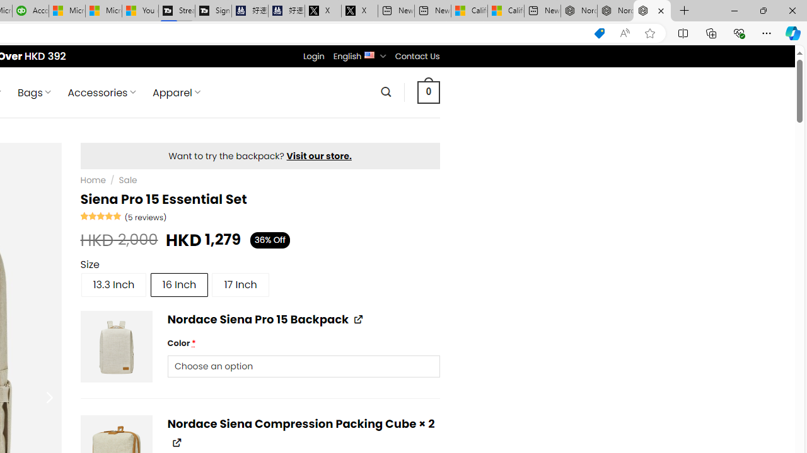 This screenshot has height=453, width=807. Describe the element at coordinates (127, 180) in the screenshot. I see `'Sale'` at that location.